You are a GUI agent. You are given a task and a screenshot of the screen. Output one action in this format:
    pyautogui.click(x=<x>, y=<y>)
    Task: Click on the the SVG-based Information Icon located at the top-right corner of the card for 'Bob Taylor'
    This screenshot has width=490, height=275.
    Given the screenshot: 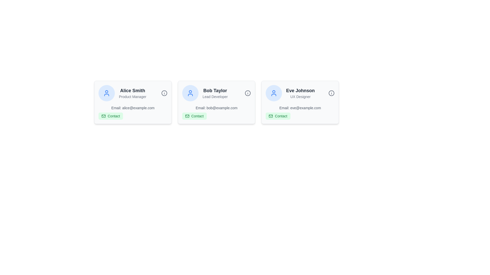 What is the action you would take?
    pyautogui.click(x=248, y=93)
    